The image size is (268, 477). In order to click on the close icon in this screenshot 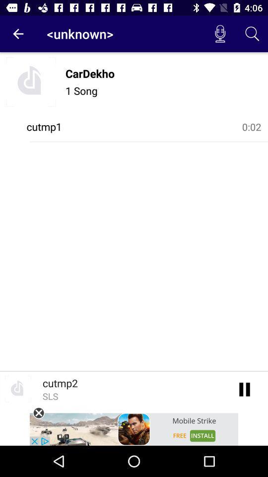, I will do `click(38, 413)`.